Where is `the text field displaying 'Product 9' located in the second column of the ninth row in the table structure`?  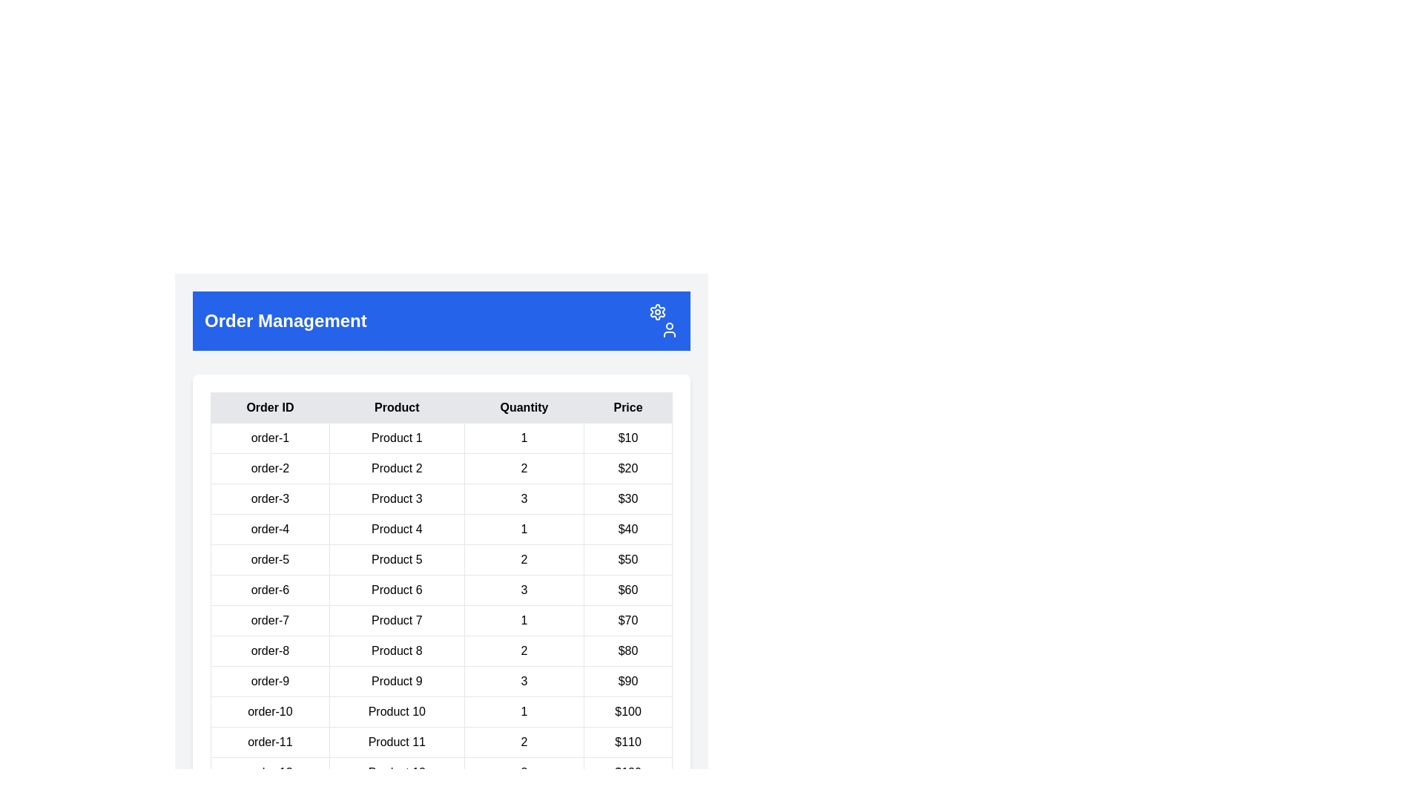 the text field displaying 'Product 9' located in the second column of the ninth row in the table structure is located at coordinates (397, 681).